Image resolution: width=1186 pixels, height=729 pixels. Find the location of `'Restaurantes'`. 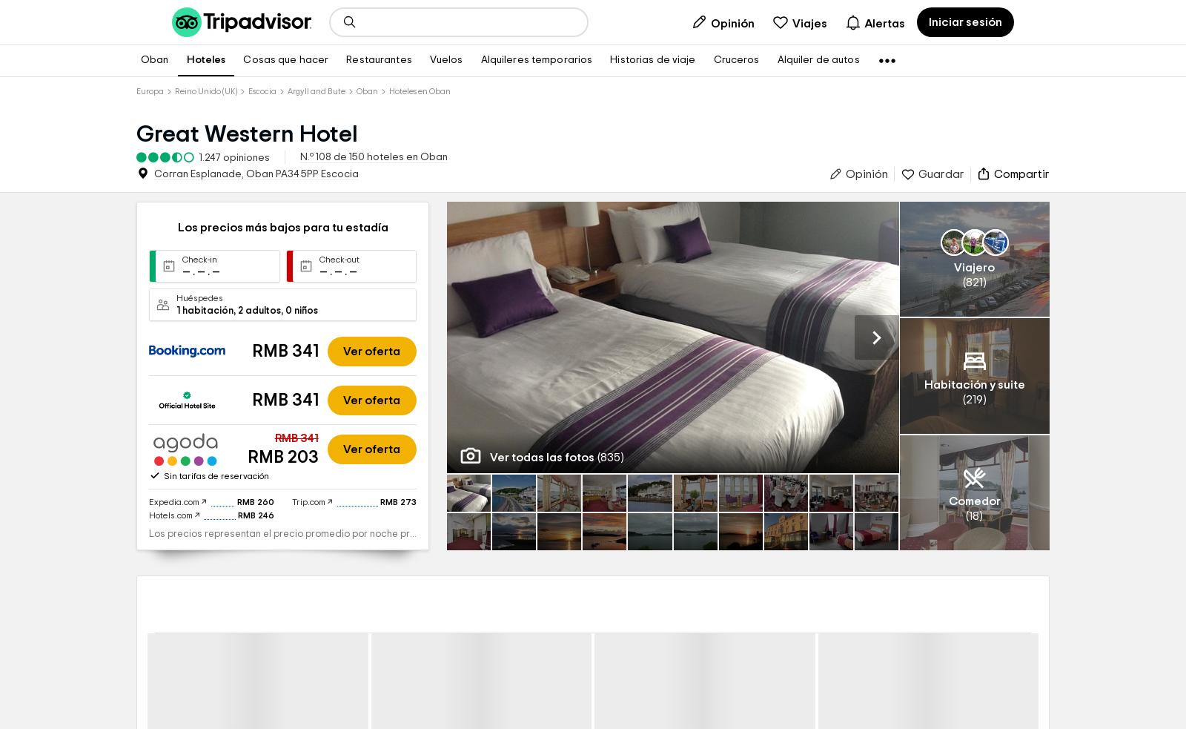

'Restaurantes' is located at coordinates (378, 59).